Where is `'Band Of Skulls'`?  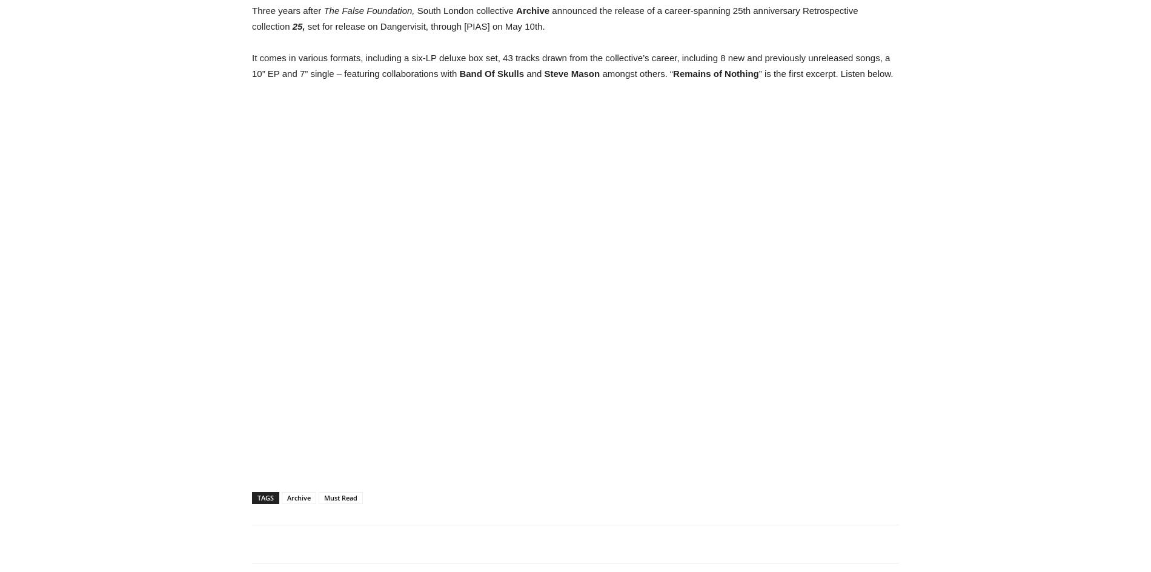
'Band Of Skulls' is located at coordinates (491, 73).